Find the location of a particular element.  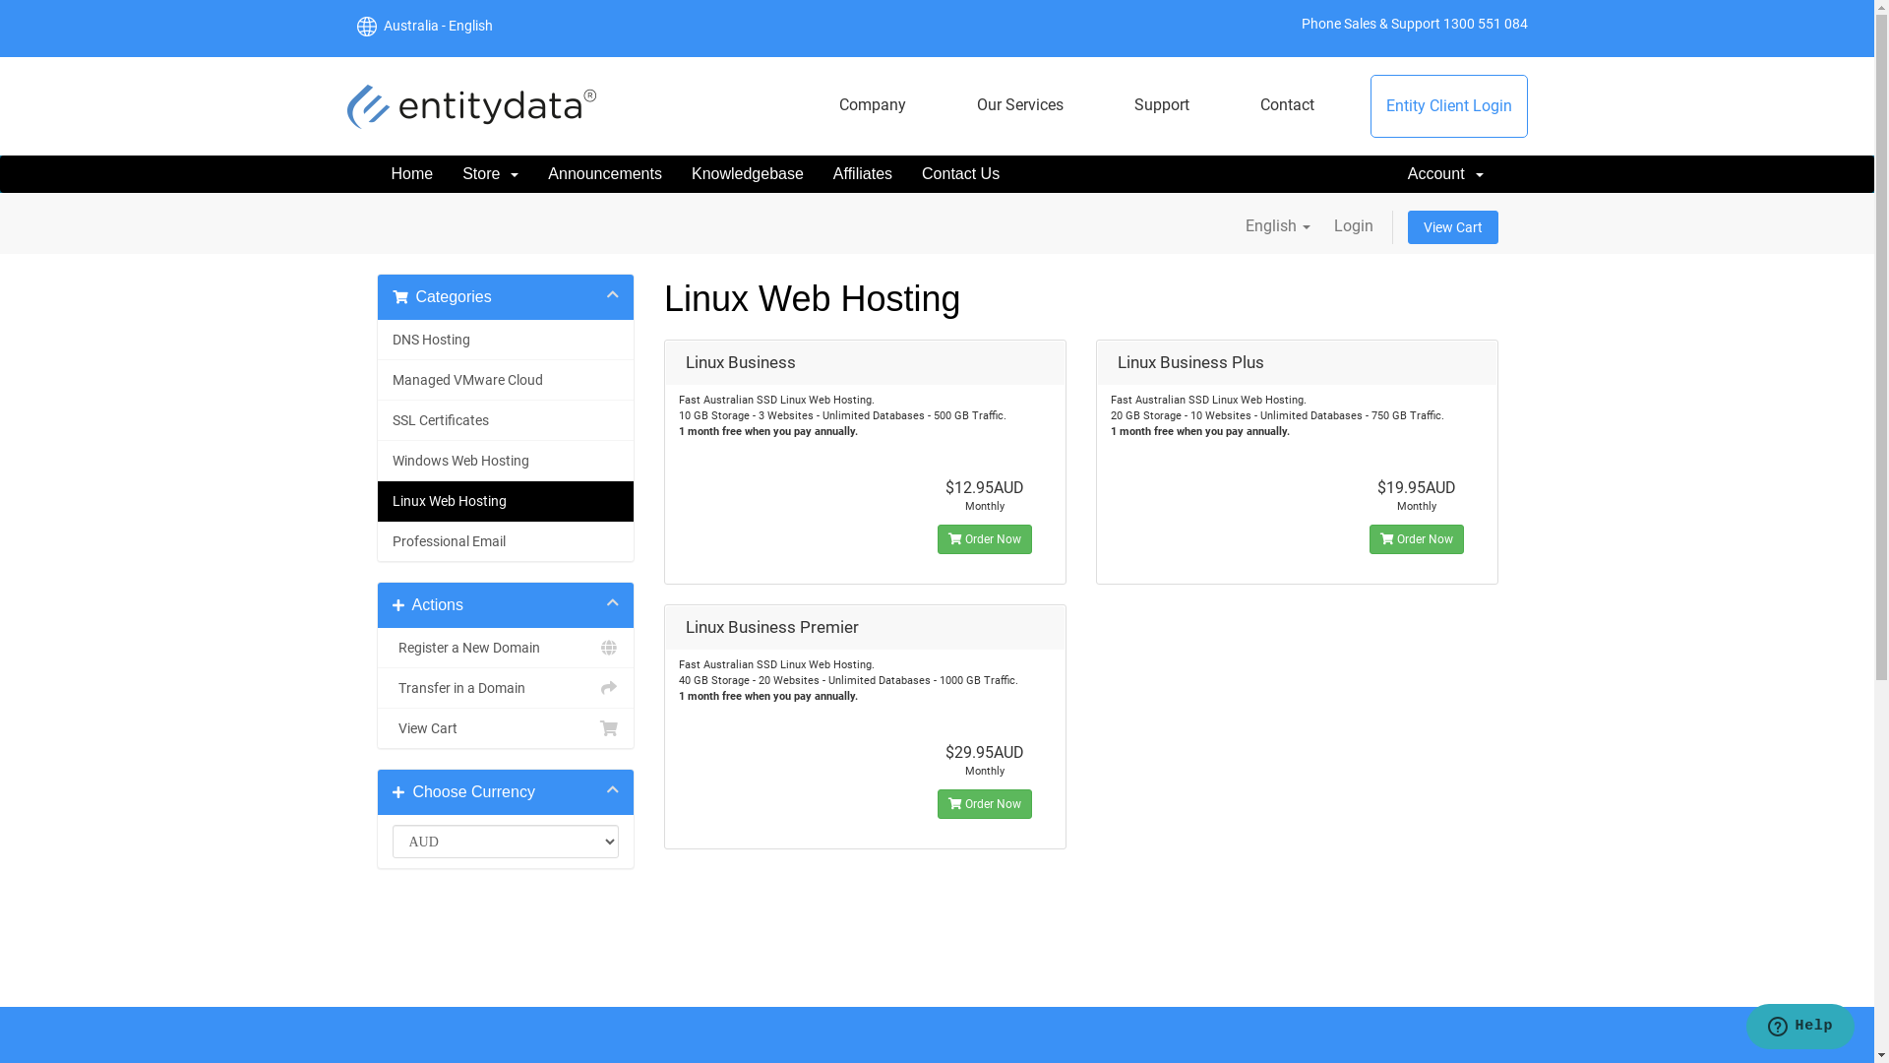

'Announcements' is located at coordinates (603, 173).